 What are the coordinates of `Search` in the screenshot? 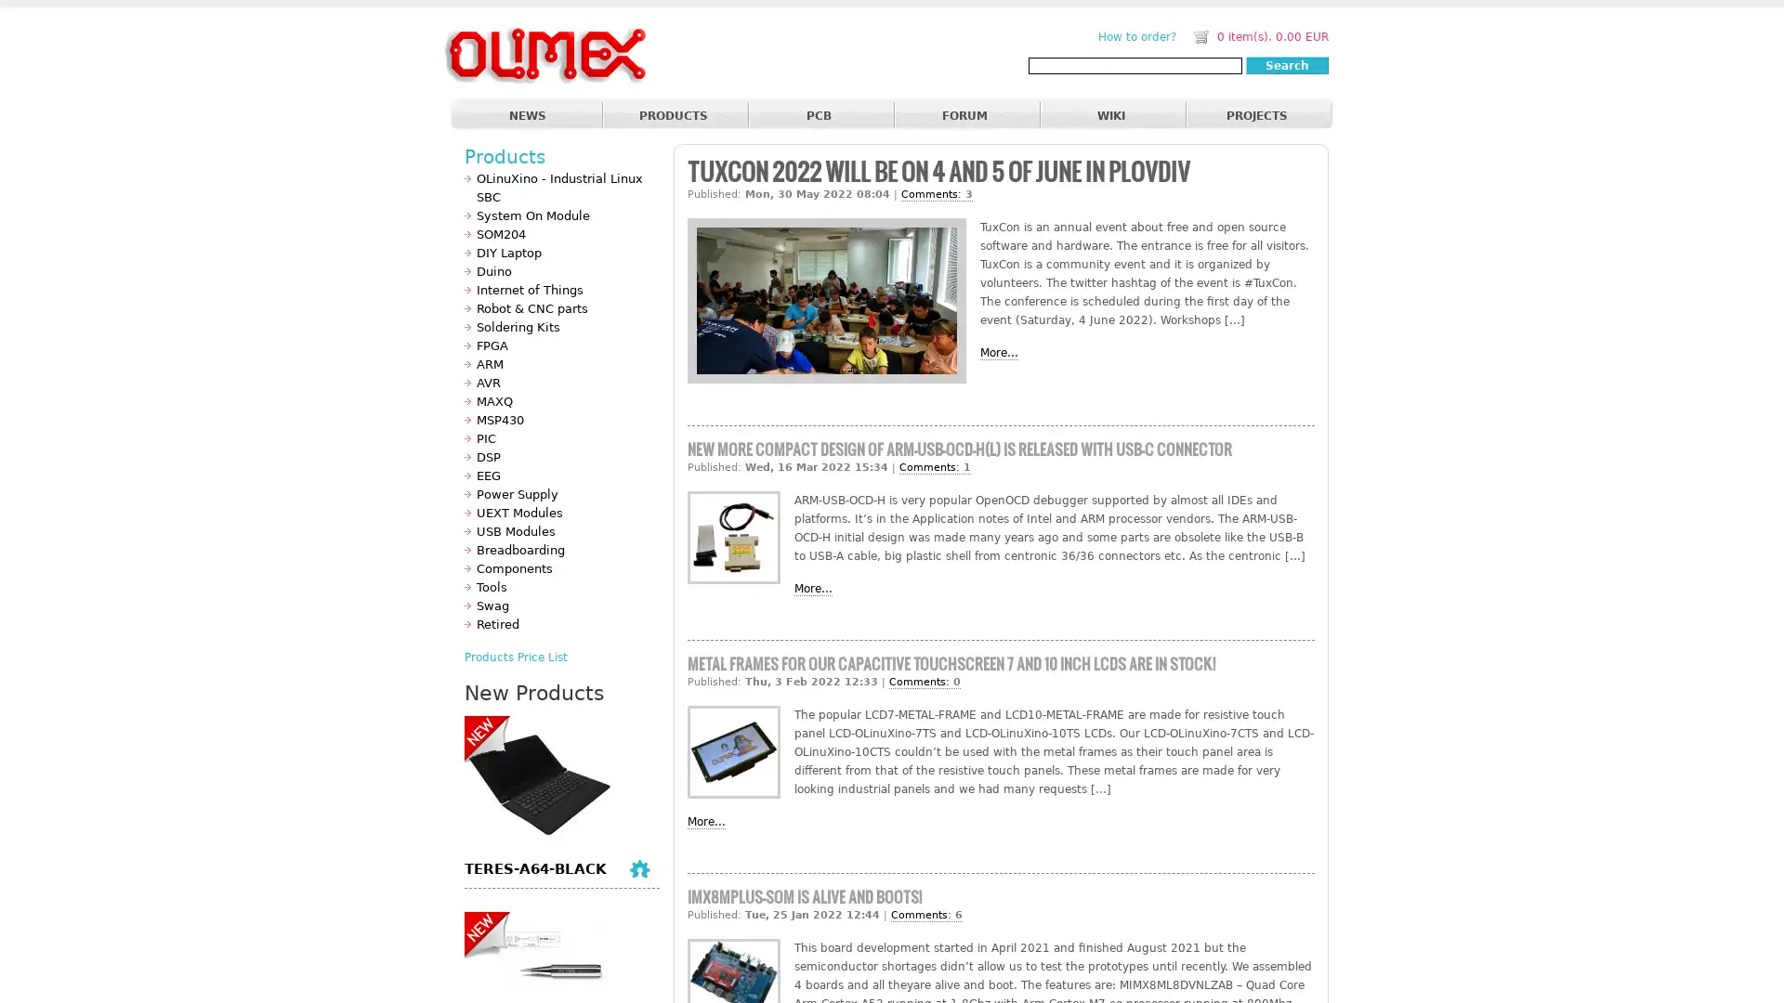 It's located at (1286, 64).